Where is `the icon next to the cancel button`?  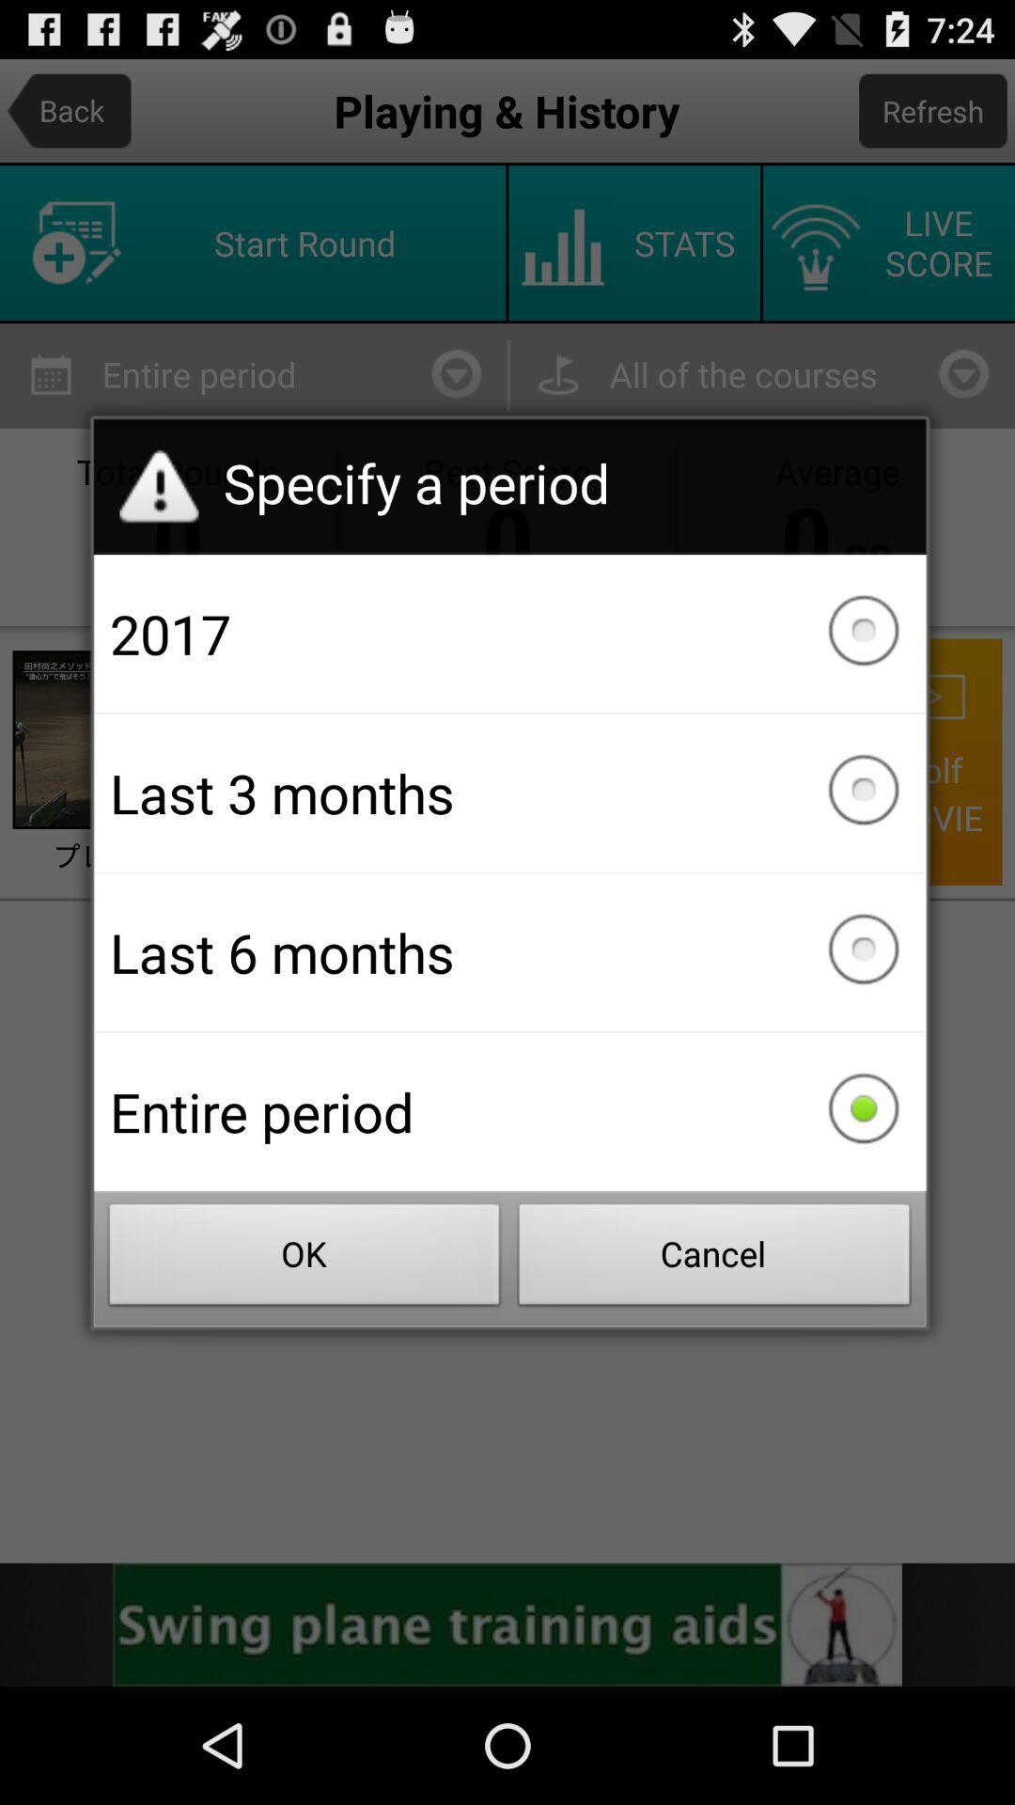
the icon next to the cancel button is located at coordinates (304, 1260).